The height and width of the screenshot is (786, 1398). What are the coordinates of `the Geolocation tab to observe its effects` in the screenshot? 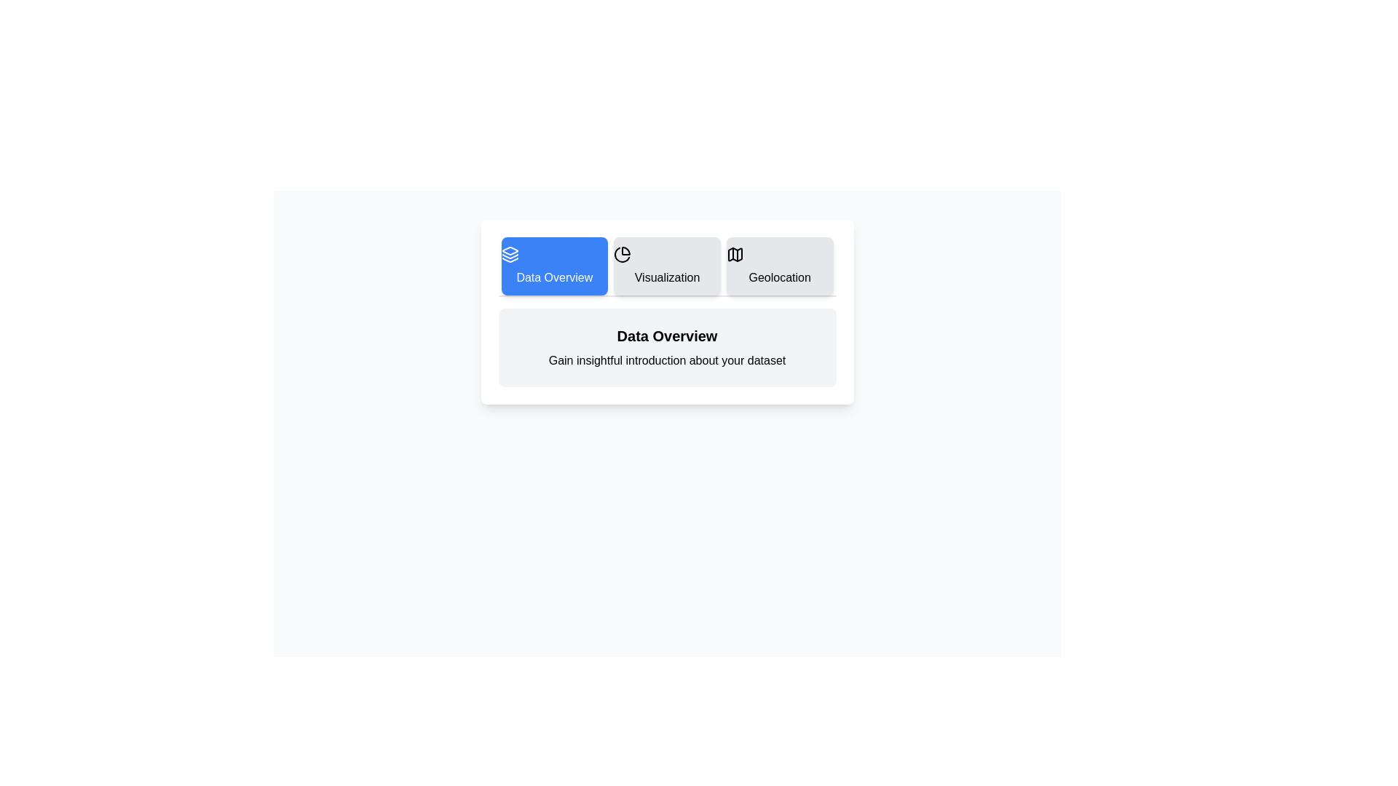 It's located at (779, 266).